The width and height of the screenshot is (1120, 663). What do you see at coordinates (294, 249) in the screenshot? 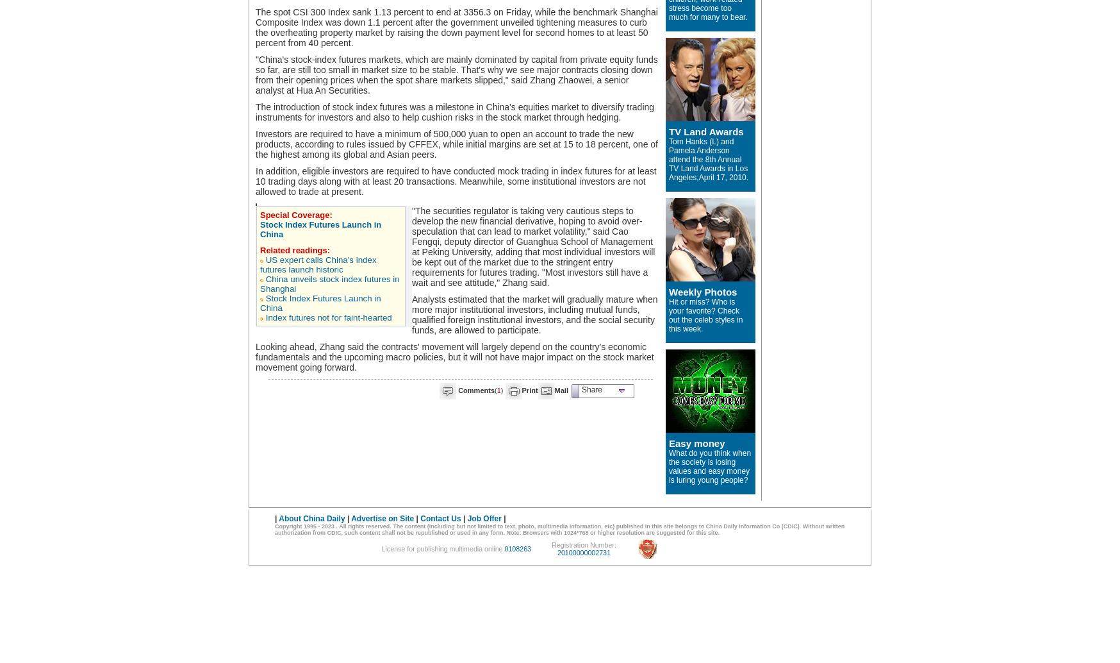
I see `'Related readings:'` at bounding box center [294, 249].